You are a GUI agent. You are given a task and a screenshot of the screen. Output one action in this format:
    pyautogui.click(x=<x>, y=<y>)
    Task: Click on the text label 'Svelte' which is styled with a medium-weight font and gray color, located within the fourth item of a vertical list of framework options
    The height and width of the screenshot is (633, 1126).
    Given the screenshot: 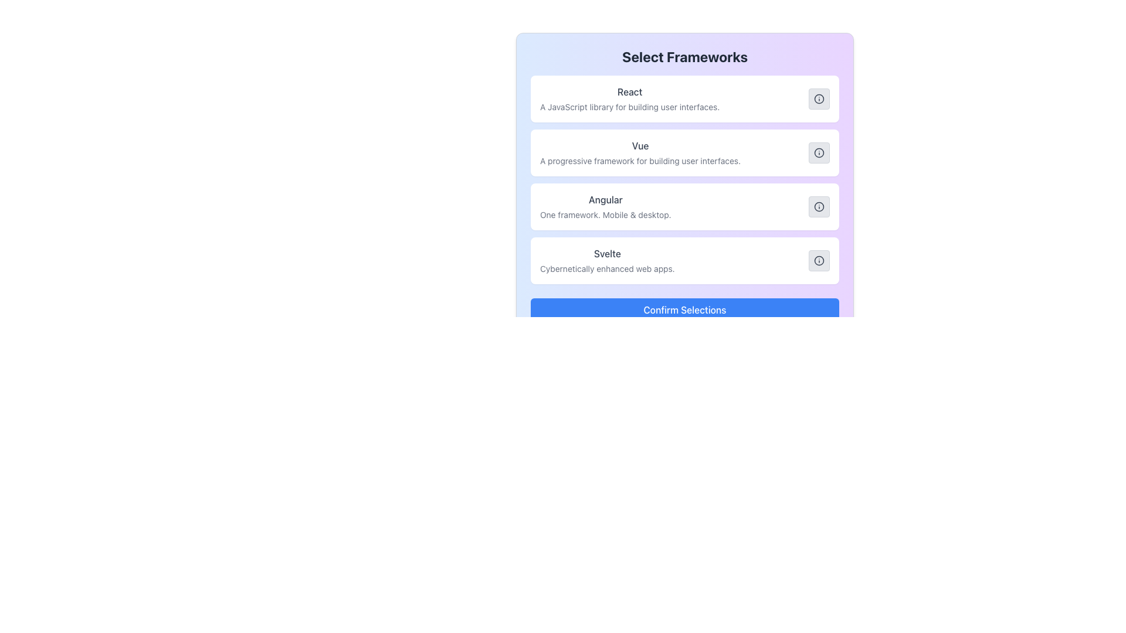 What is the action you would take?
    pyautogui.click(x=607, y=253)
    